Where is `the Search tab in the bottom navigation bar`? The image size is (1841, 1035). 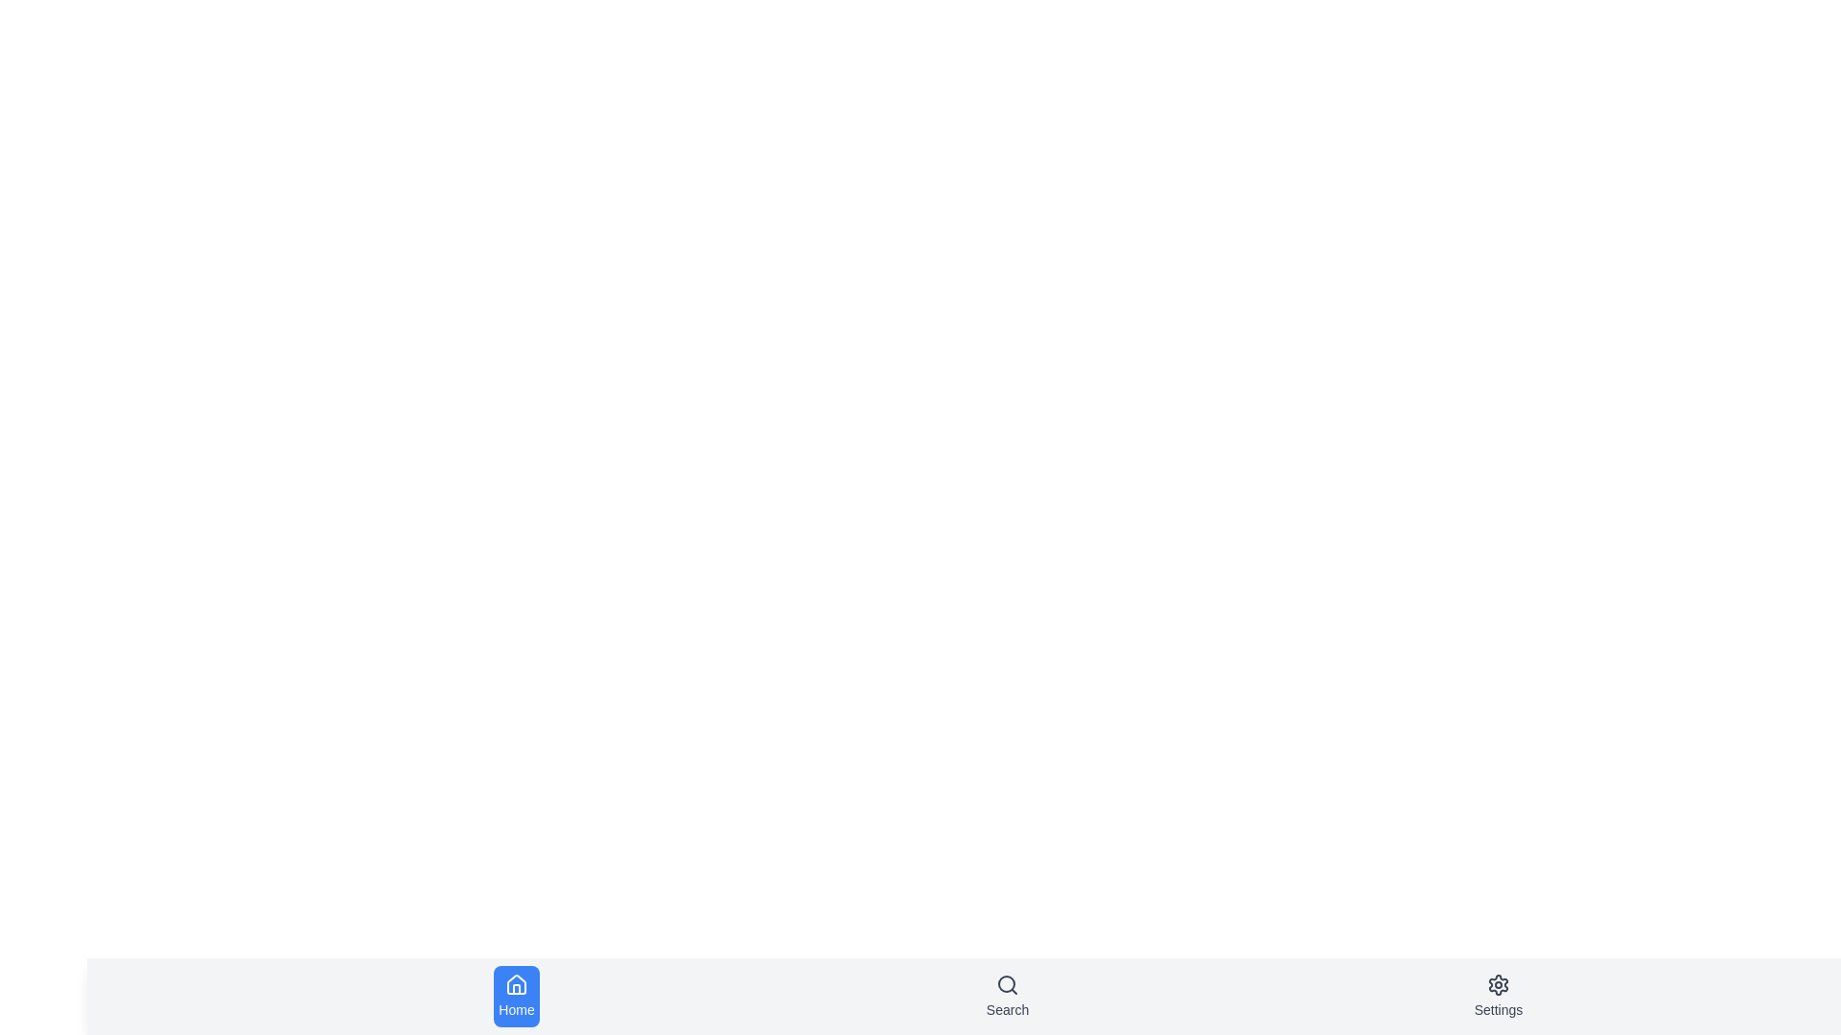 the Search tab in the bottom navigation bar is located at coordinates (1007, 996).